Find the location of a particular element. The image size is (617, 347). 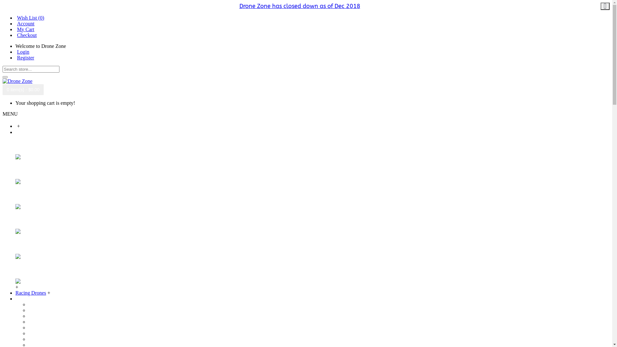

'0 item(s) - $0.00' is located at coordinates (6, 89).